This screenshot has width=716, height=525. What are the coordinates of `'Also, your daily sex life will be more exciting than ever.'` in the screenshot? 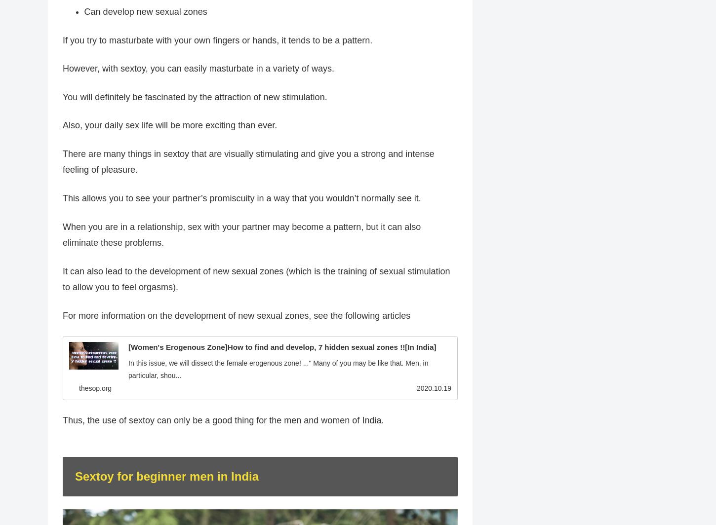 It's located at (169, 125).